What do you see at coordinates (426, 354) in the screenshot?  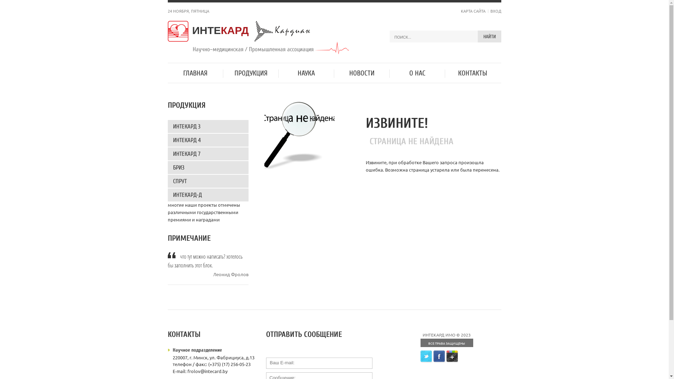 I see `'Twitter'` at bounding box center [426, 354].